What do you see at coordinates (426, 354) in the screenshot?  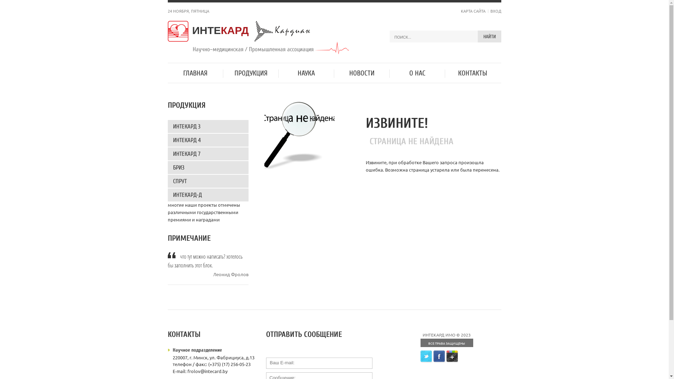 I see `'Twitter'` at bounding box center [426, 354].